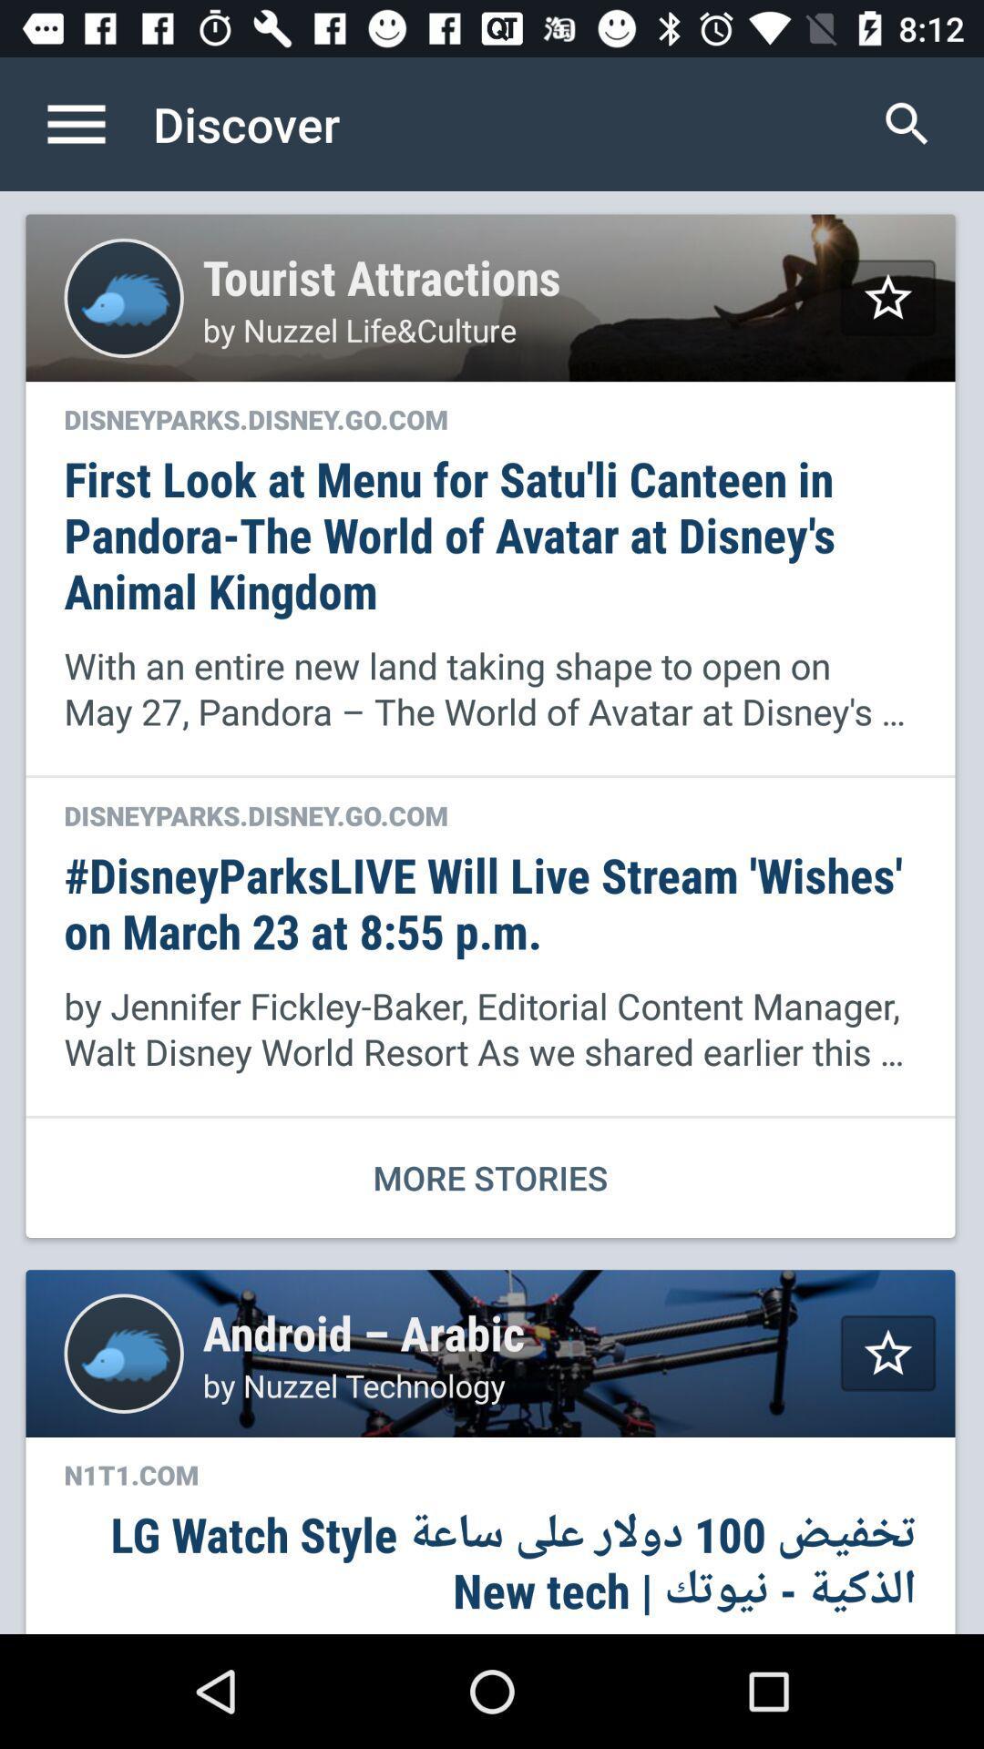 This screenshot has width=984, height=1749. What do you see at coordinates (907, 123) in the screenshot?
I see `the item next to discover icon` at bounding box center [907, 123].